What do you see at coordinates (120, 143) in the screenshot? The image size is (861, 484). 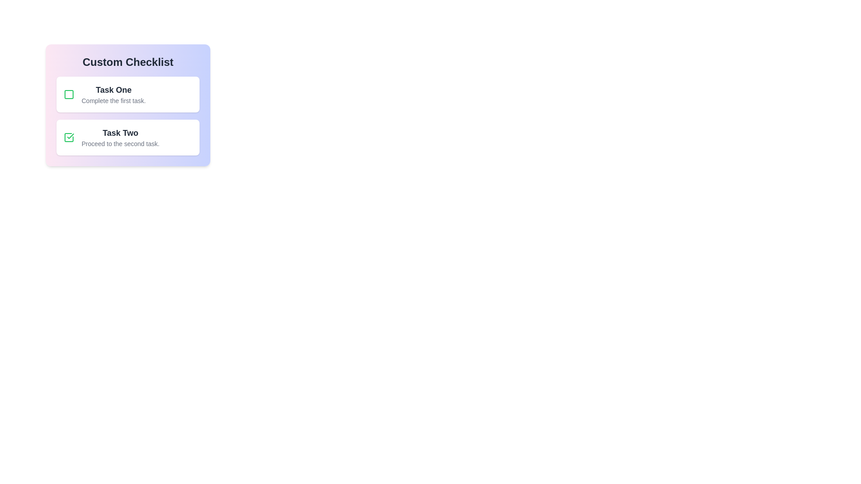 I see `the text label reading 'Proceed to the second task.' which is styled with a small font size and light gray color, located below the bold heading 'Task Two' in a left-aligned checklist interface` at bounding box center [120, 143].